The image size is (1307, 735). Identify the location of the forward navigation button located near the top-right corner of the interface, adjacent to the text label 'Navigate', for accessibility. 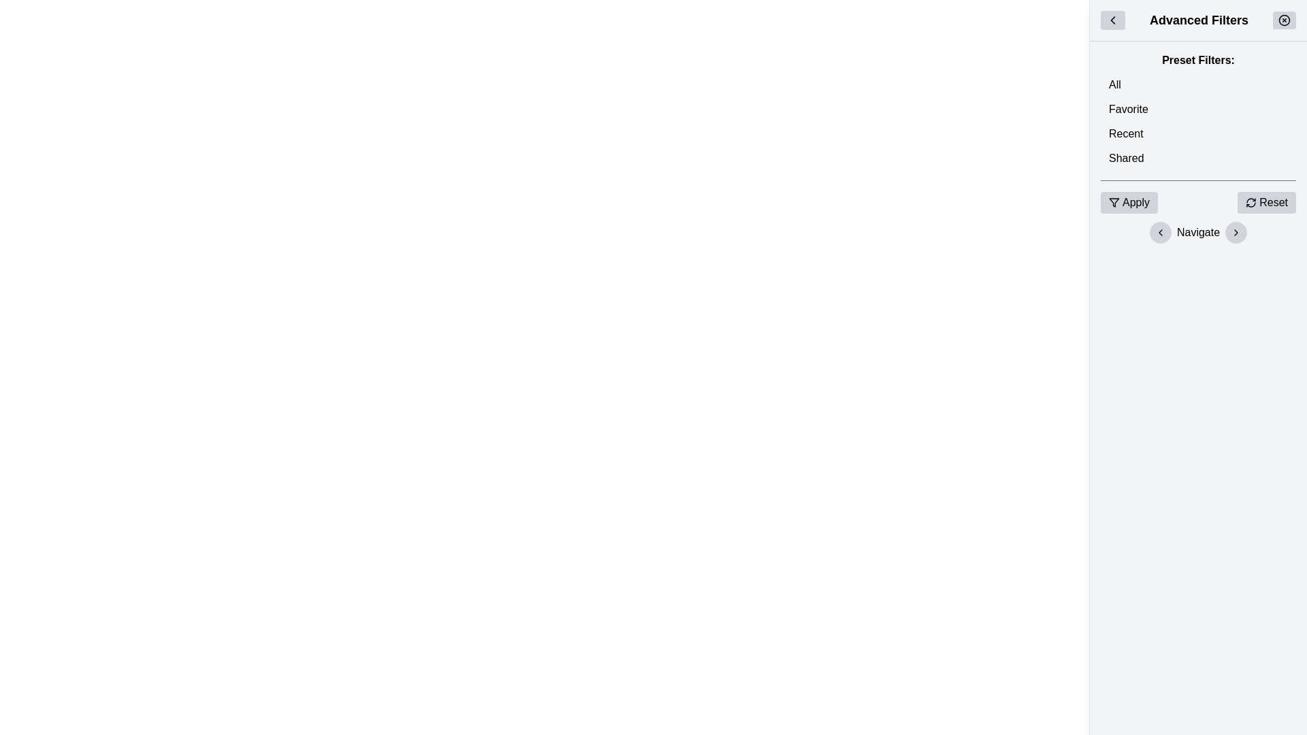
(1236, 232).